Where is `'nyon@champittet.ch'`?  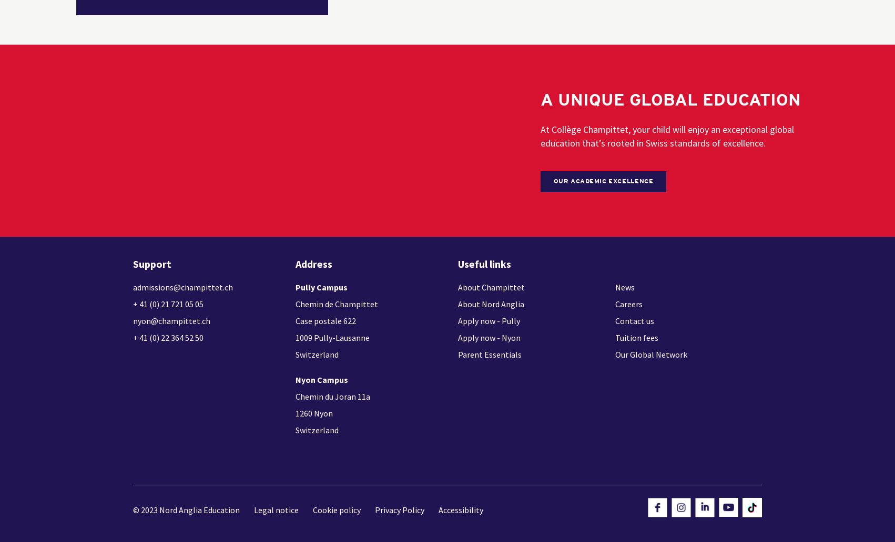 'nyon@champittet.ch' is located at coordinates (171, 321).